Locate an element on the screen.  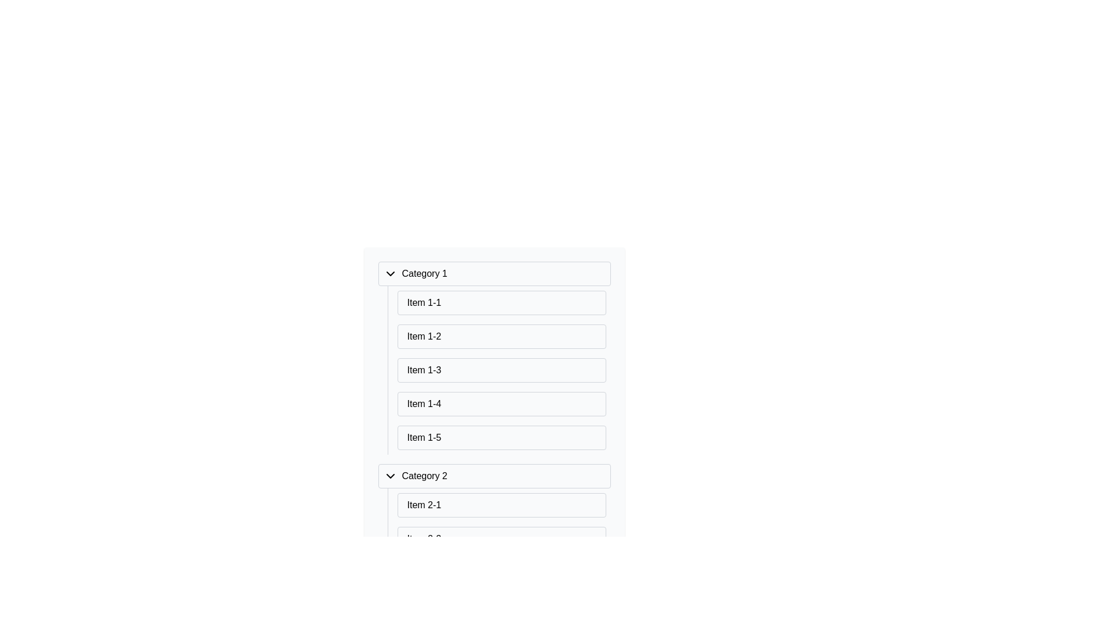
the fourth list item labeled 'Item 1-4', which is styled as a rounded rectangular box with a light gray border is located at coordinates (502, 403).